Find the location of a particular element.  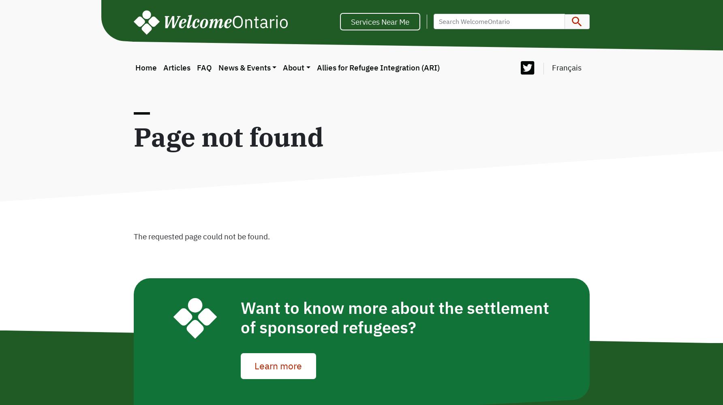

'News & Events' is located at coordinates (244, 67).